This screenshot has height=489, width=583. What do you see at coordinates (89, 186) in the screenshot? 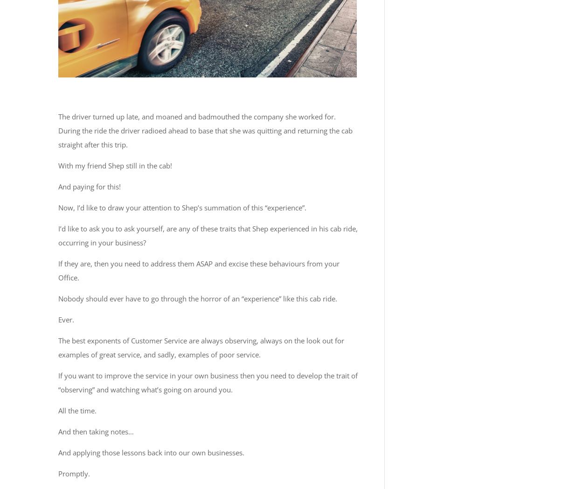
I see `'And paying for this!'` at bounding box center [89, 186].